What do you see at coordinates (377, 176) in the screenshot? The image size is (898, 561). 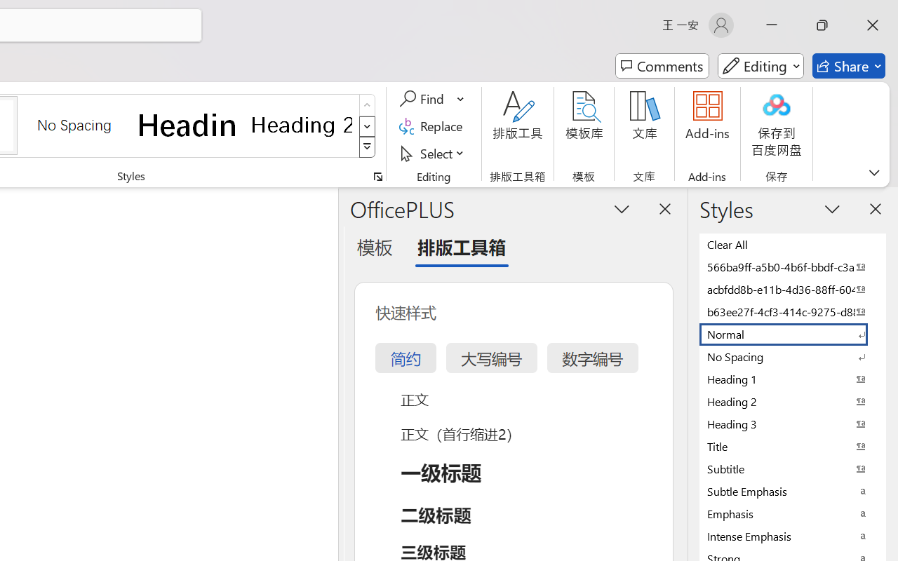 I see `'Styles...'` at bounding box center [377, 176].